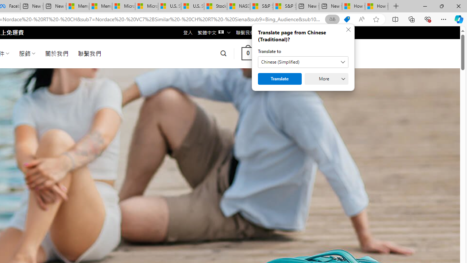  I want to click on 'Settings and more (Alt+F)', so click(443, 19).